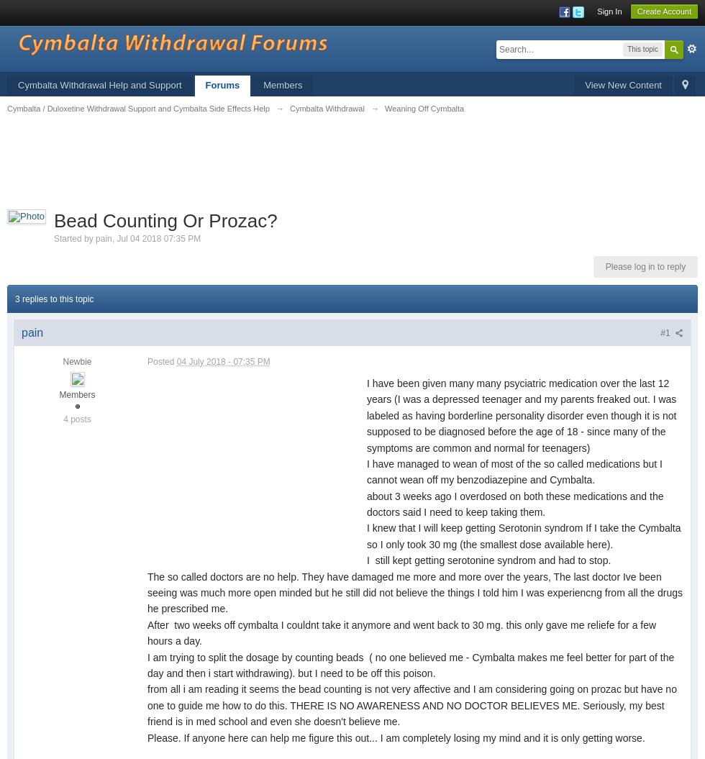 The height and width of the screenshot is (759, 705). I want to click on 'Newbie', so click(63, 362).